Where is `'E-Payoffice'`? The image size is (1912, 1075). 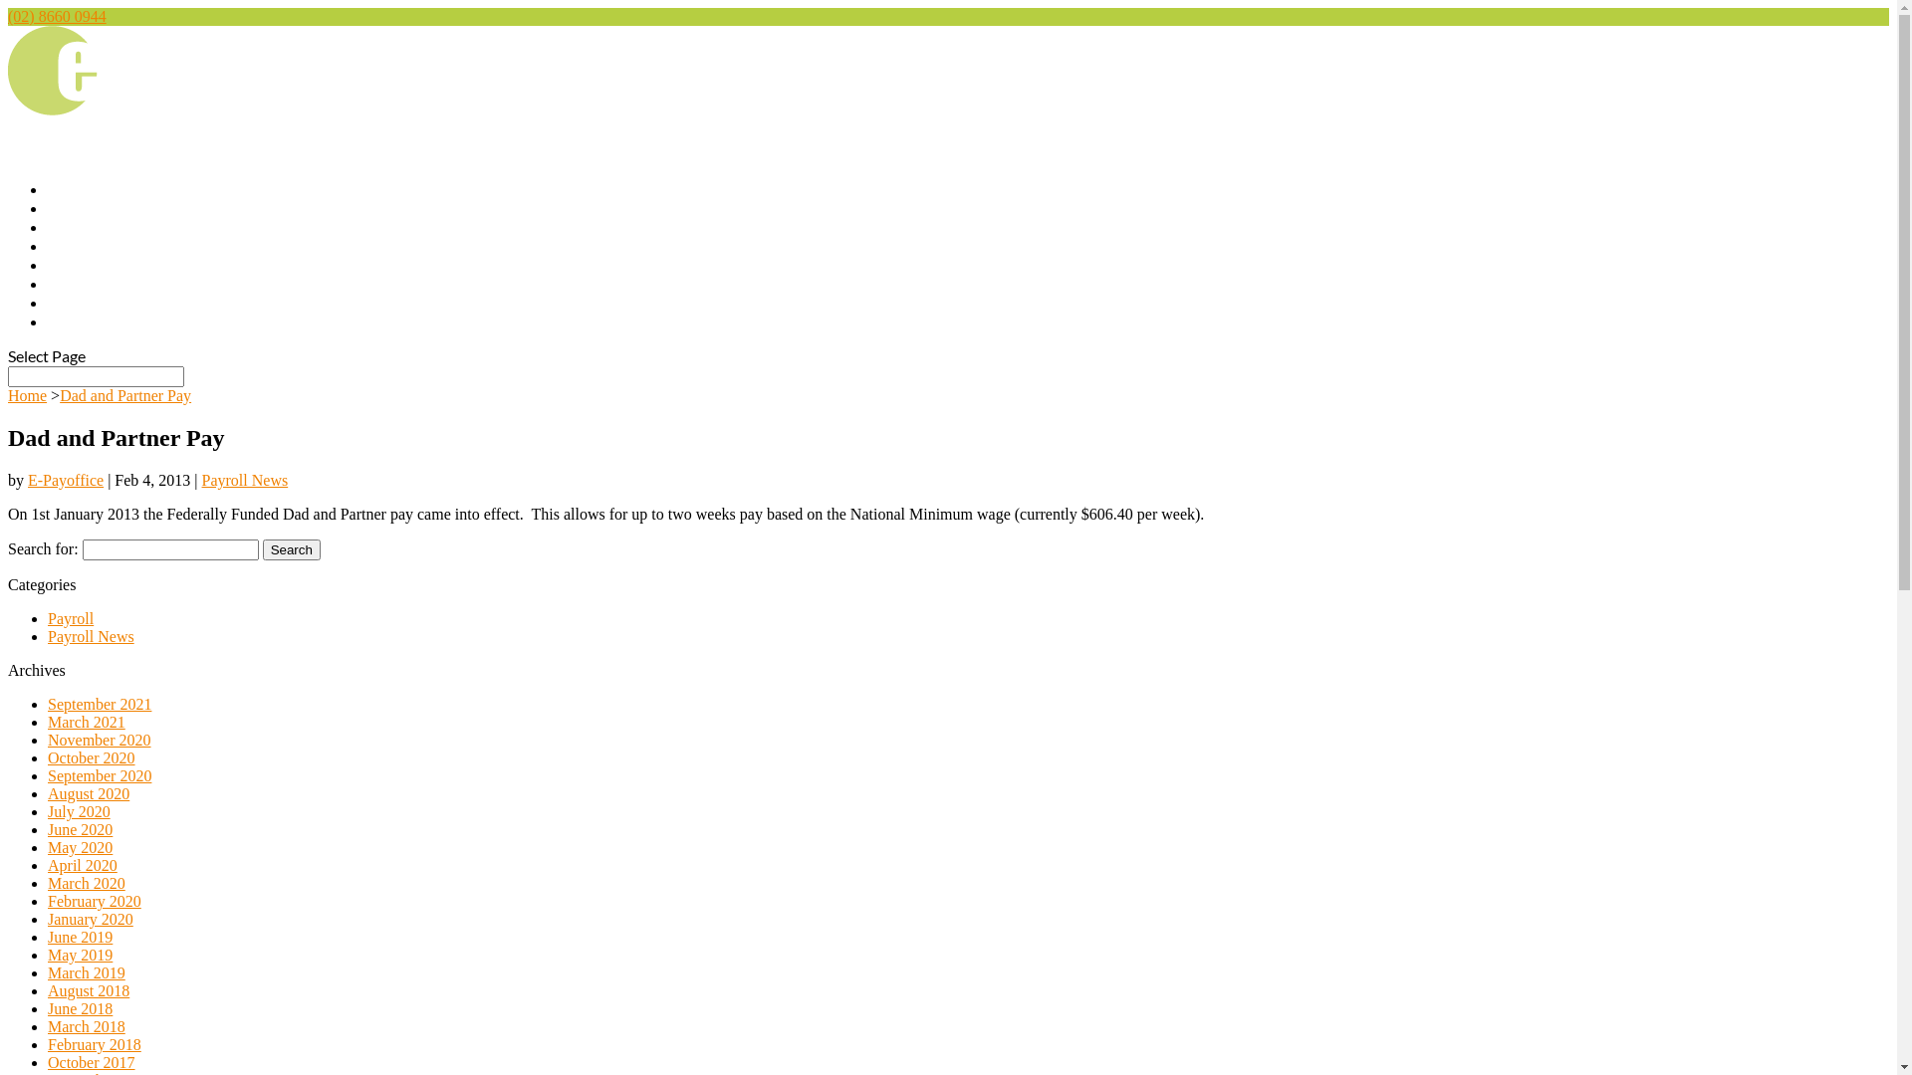
'E-Payoffice' is located at coordinates (66, 480).